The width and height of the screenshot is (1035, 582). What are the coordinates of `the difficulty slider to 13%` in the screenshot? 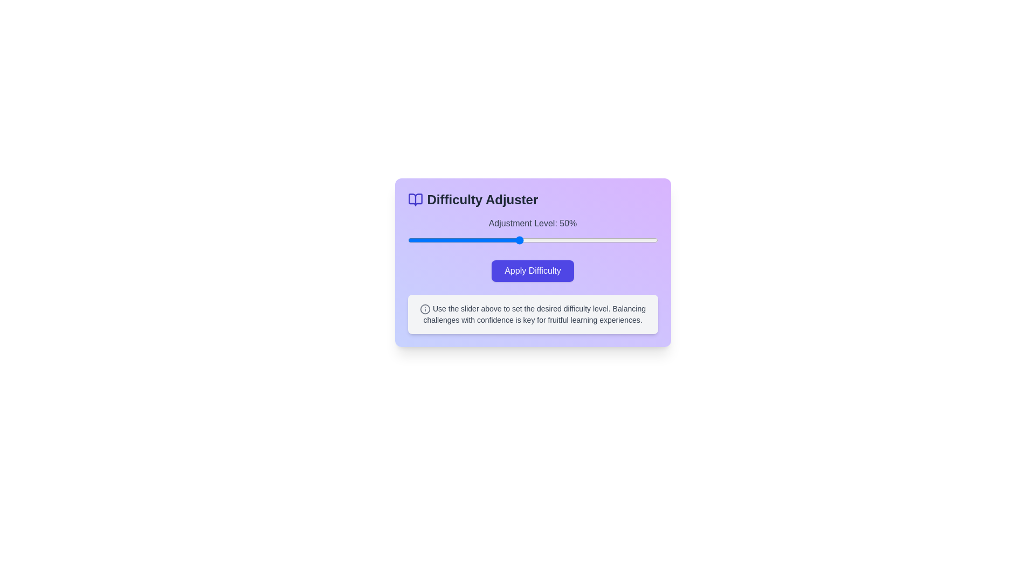 It's located at (416, 240).